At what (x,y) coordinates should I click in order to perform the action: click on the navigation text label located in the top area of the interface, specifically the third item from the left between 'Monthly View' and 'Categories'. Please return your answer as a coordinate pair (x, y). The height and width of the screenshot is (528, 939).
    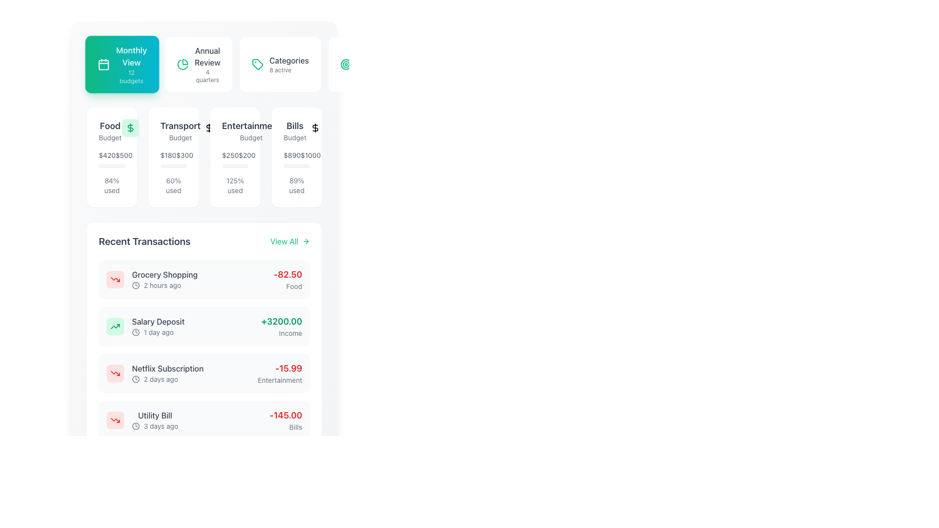
    Looking at the image, I should click on (207, 64).